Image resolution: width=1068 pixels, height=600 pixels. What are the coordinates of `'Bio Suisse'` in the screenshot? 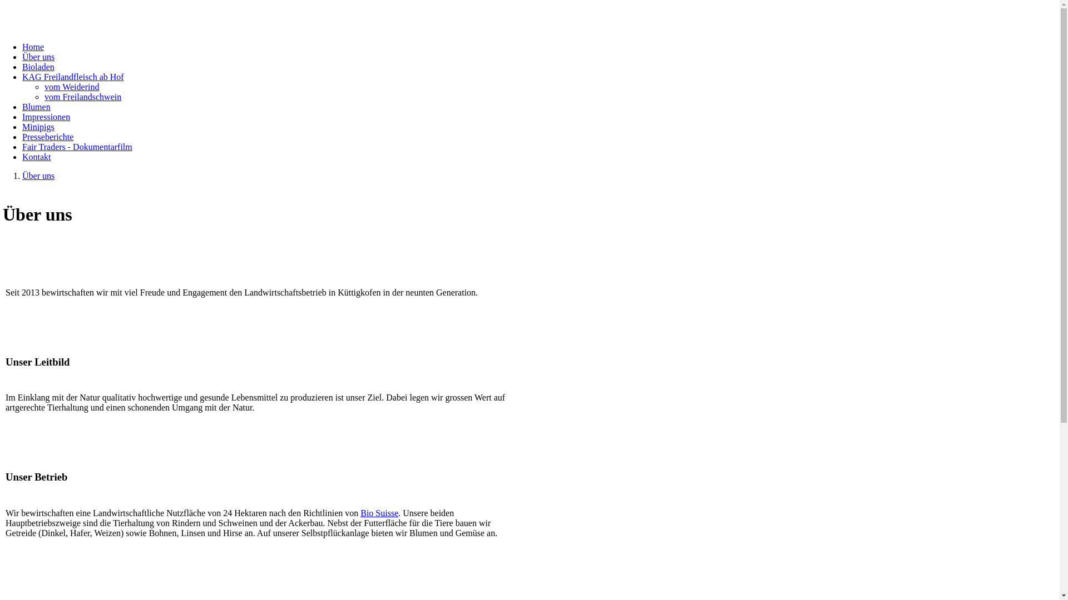 It's located at (379, 513).